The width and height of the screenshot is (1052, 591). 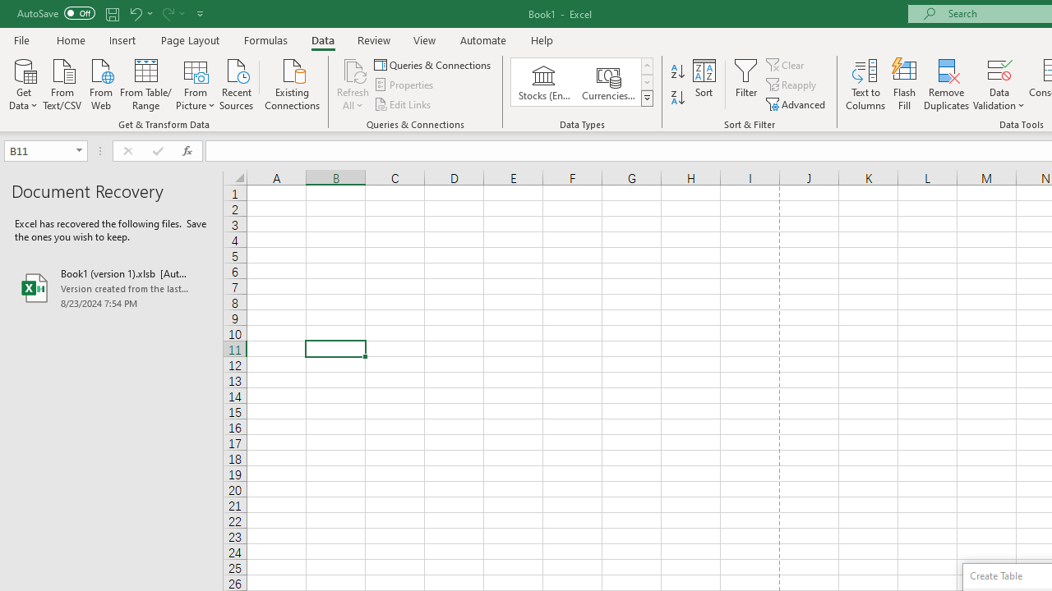 I want to click on 'AutomationID: ConvertToLinkedEntity', so click(x=582, y=82).